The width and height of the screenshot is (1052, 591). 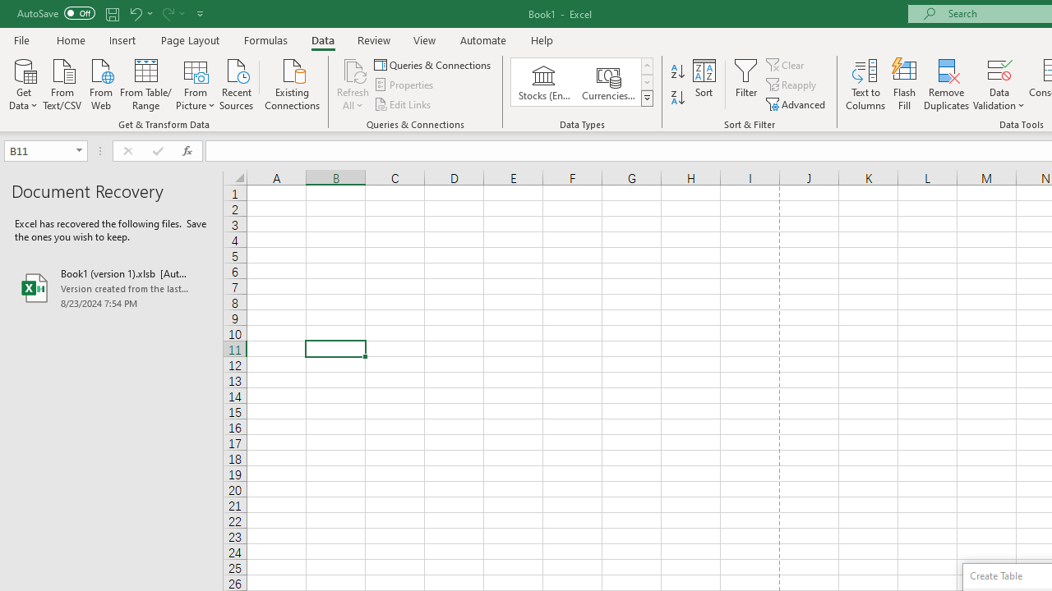 I want to click on 'AutomationID: ConvertToLinkedEntity', so click(x=582, y=82).